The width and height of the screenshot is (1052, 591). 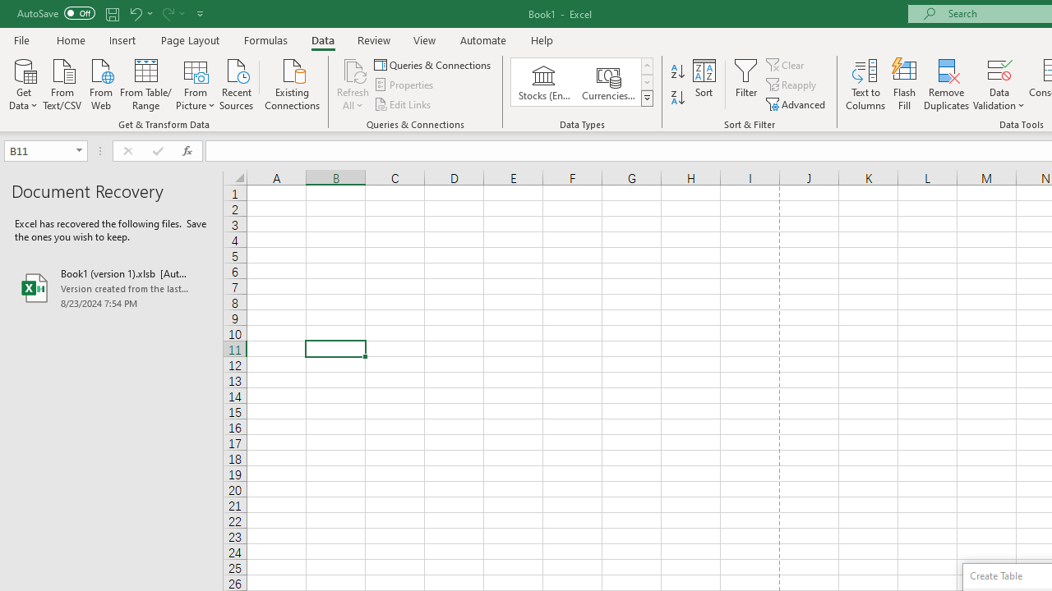 I want to click on 'AutomationID: ConvertToLinkedEntity', so click(x=582, y=82).